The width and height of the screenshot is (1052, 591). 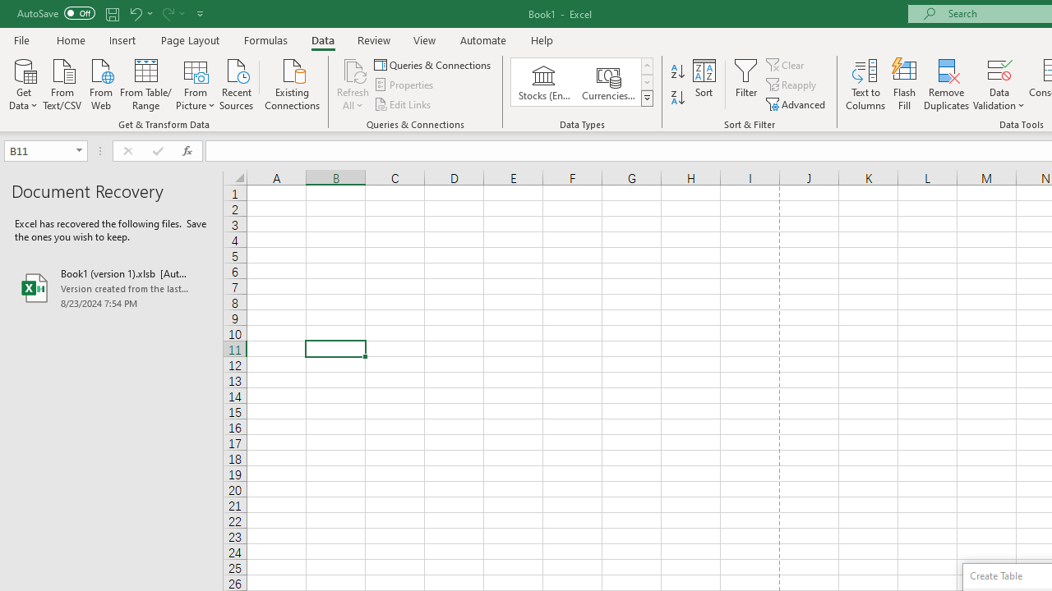 I want to click on 'AutomationID: ConvertToLinkedEntity', so click(x=582, y=82).